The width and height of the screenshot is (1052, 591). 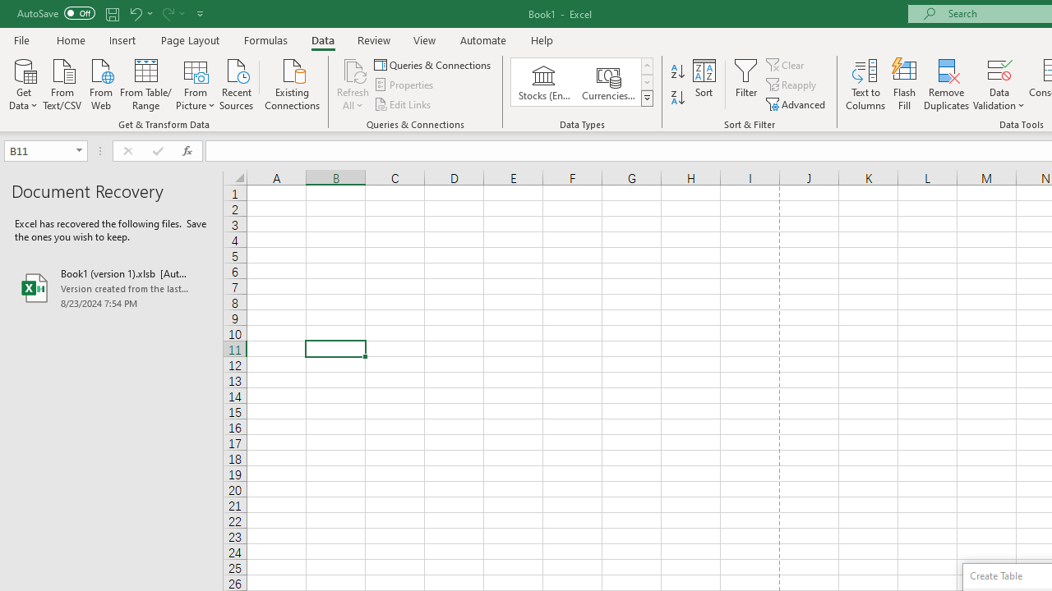 I want to click on 'AutomationID: ConvertToLinkedEntity', so click(x=582, y=82).